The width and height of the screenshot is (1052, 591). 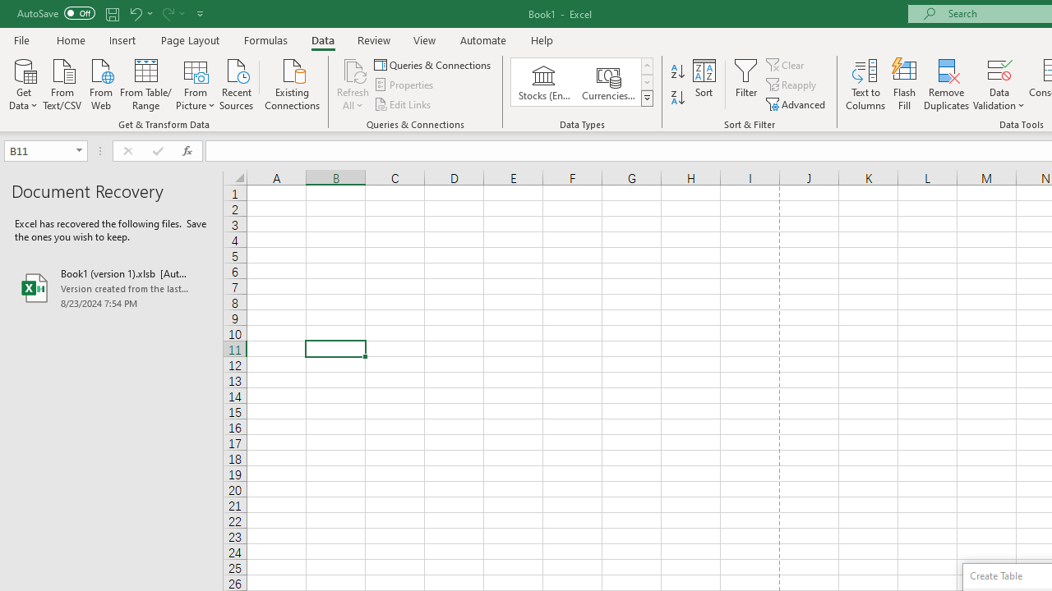 I want to click on 'AutomationID: ConvertToLinkedEntity', so click(x=582, y=82).